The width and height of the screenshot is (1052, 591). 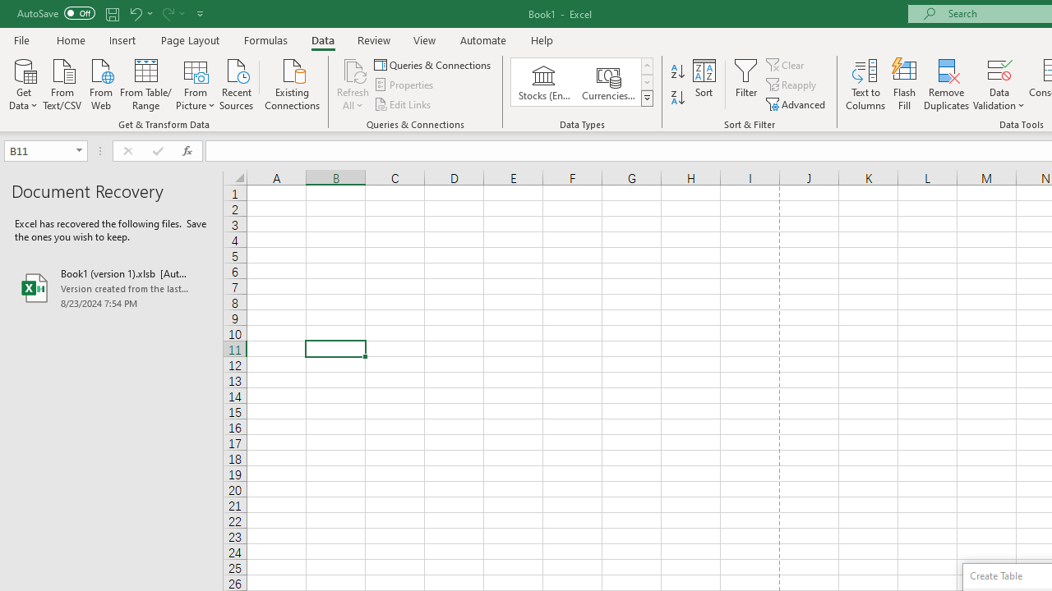 I want to click on 'AutomationID: ConvertToLinkedEntity', so click(x=582, y=82).